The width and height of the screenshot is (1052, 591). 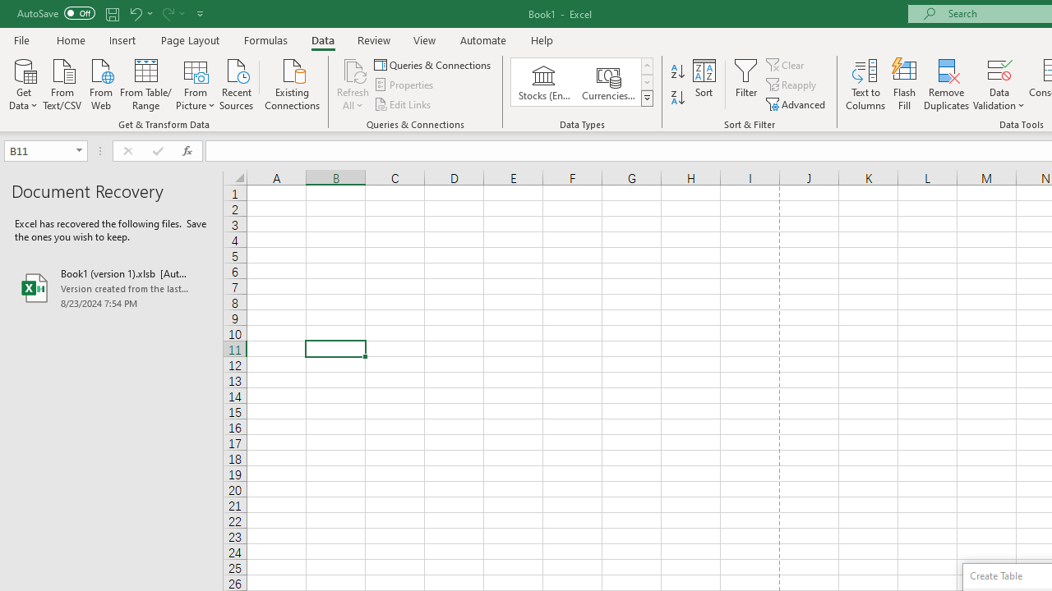 I want to click on 'AutomationID: ConvertToLinkedEntity', so click(x=582, y=82).